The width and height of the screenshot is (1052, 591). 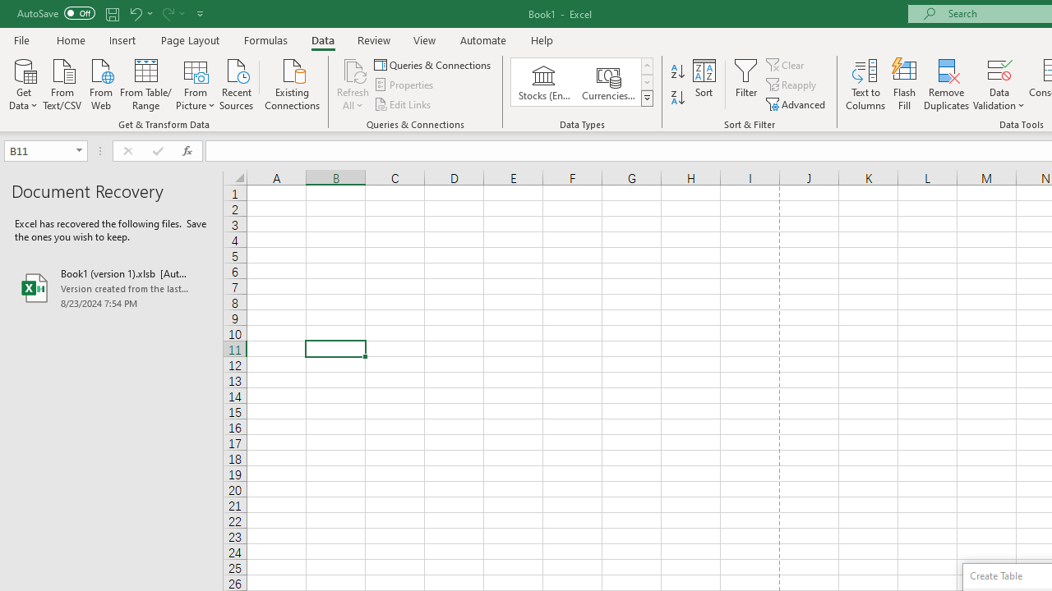 I want to click on 'AutomationID: ConvertToLinkedEntity', so click(x=582, y=82).